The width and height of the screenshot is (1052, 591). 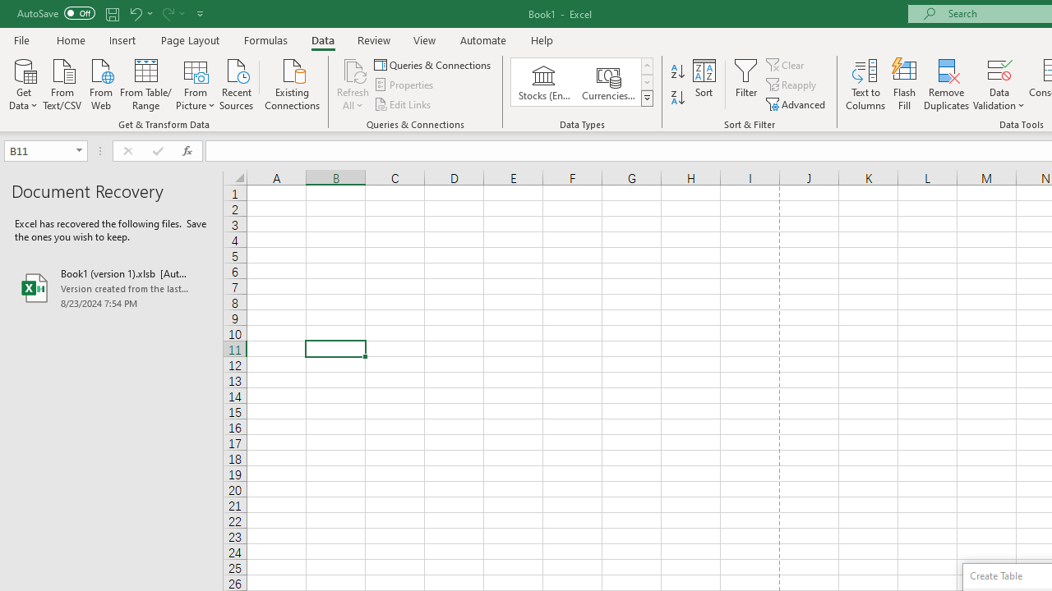 I want to click on 'AutomationID: ConvertToLinkedEntity', so click(x=582, y=82).